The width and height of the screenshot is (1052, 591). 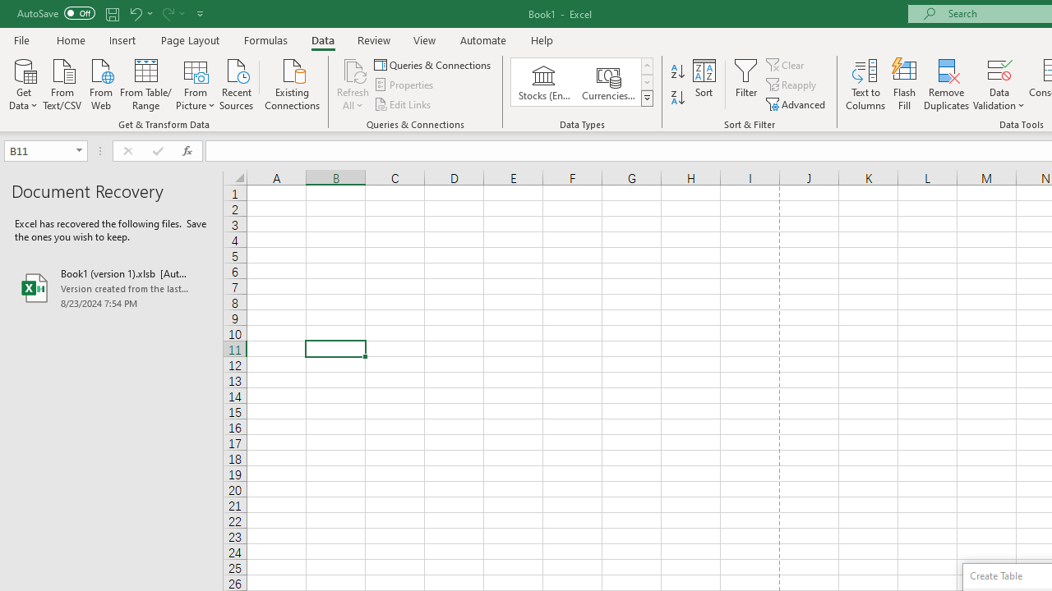 I want to click on 'AutomationID: ConvertToLinkedEntity', so click(x=582, y=82).